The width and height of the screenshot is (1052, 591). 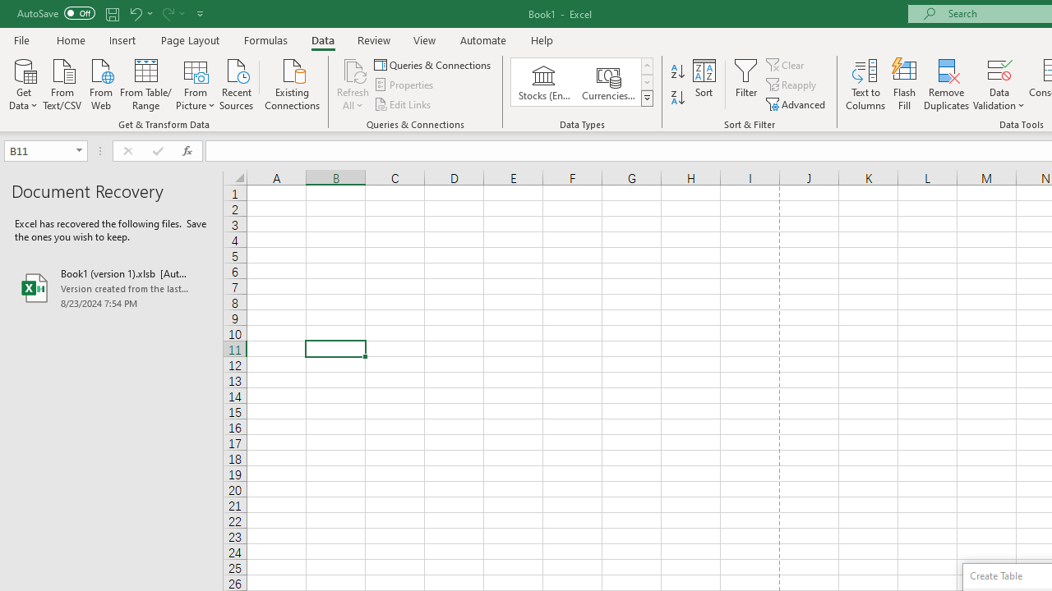 I want to click on 'AutomationID: ConvertToLinkedEntity', so click(x=582, y=82).